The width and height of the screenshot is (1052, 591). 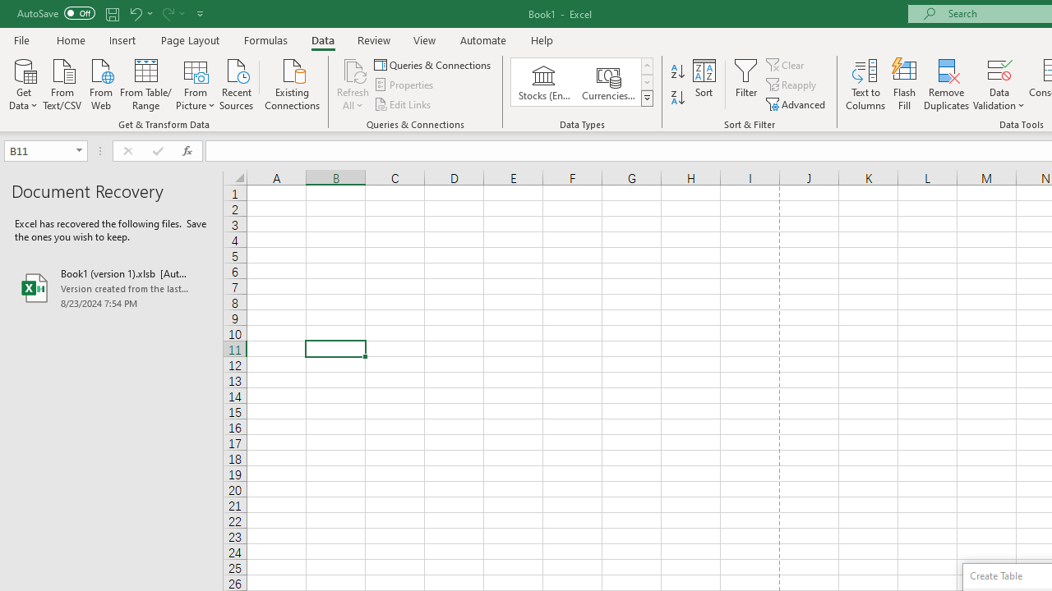 I want to click on 'AutomationID: ConvertToLinkedEntity', so click(x=582, y=82).